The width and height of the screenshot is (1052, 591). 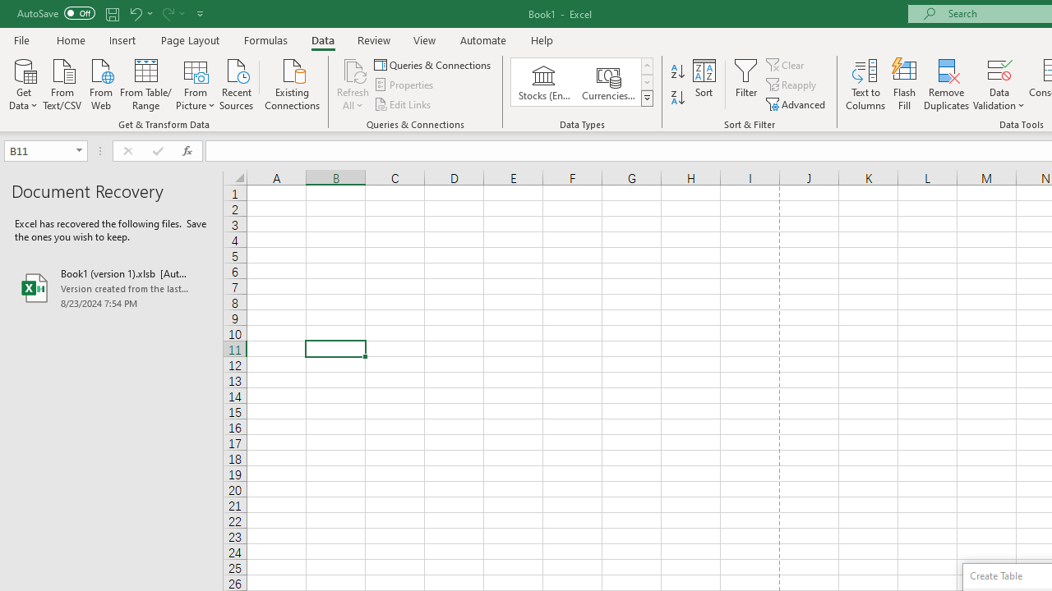 I want to click on 'AutomationID: ConvertToLinkedEntity', so click(x=582, y=82).